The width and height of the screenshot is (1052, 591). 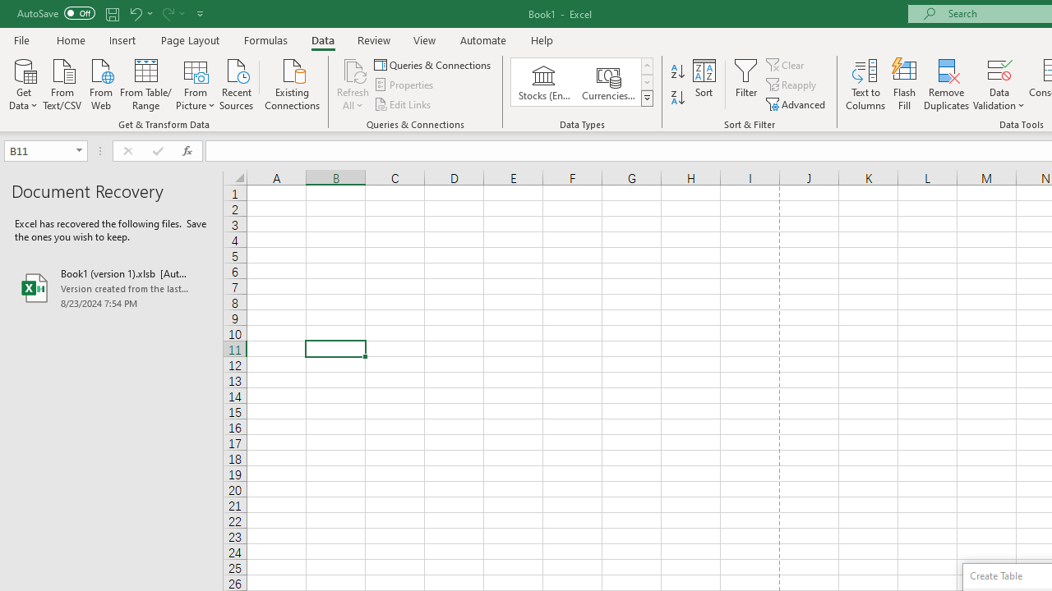 I want to click on 'AutomationID: ConvertToLinkedEntity', so click(x=582, y=82).